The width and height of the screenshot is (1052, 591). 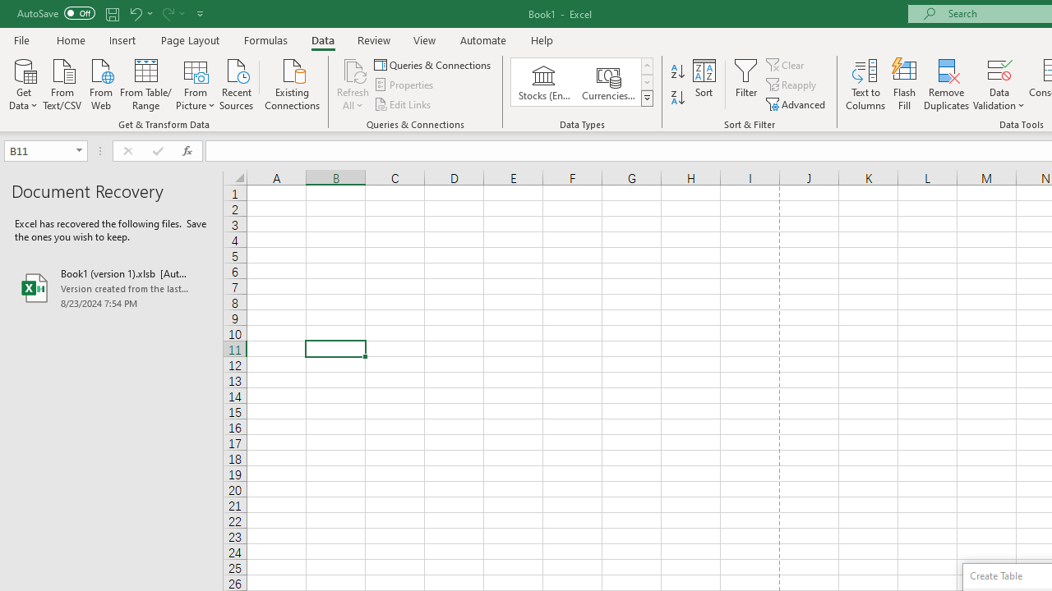 I want to click on 'AutomationID: ConvertToLinkedEntity', so click(x=582, y=82).